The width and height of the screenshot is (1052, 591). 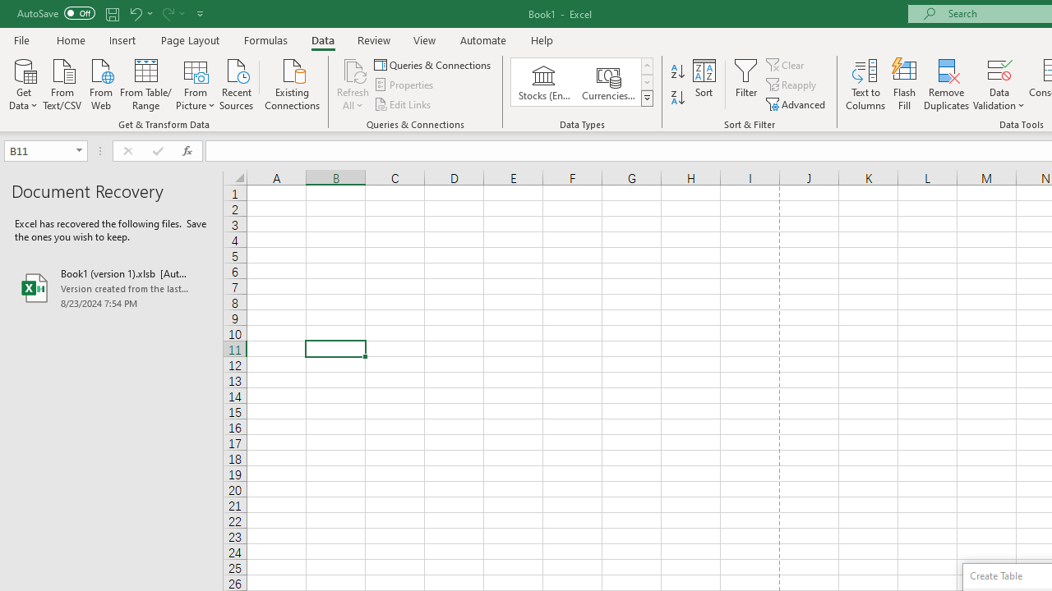 I want to click on 'AutomationID: ConvertToLinkedEntity', so click(x=582, y=82).